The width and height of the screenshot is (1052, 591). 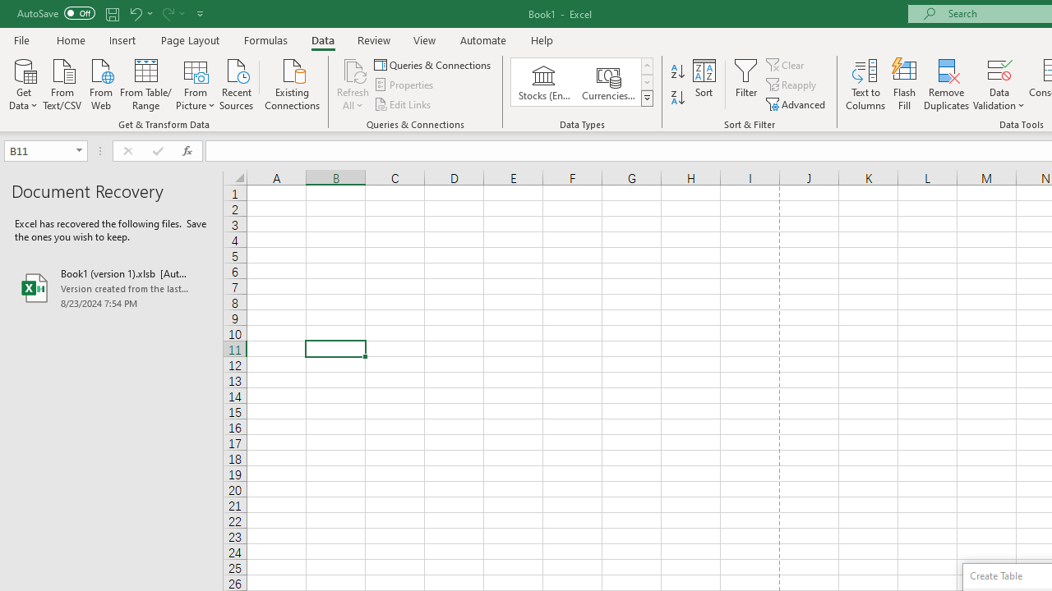 I want to click on 'AutomationID: ConvertToLinkedEntity', so click(x=582, y=82).